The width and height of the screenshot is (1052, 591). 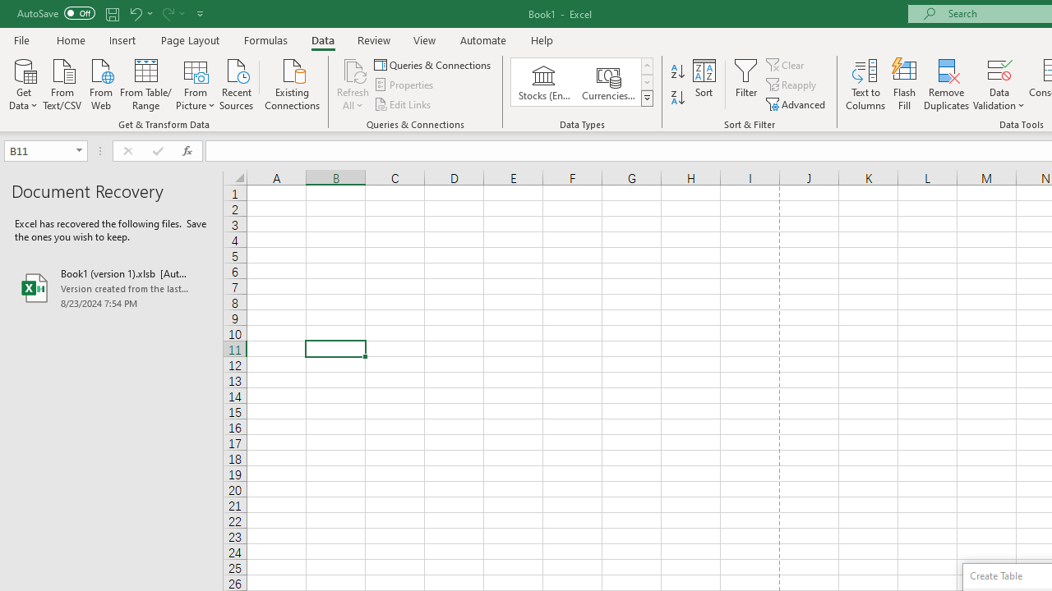 I want to click on 'AutomationID: ConvertToLinkedEntity', so click(x=582, y=82).